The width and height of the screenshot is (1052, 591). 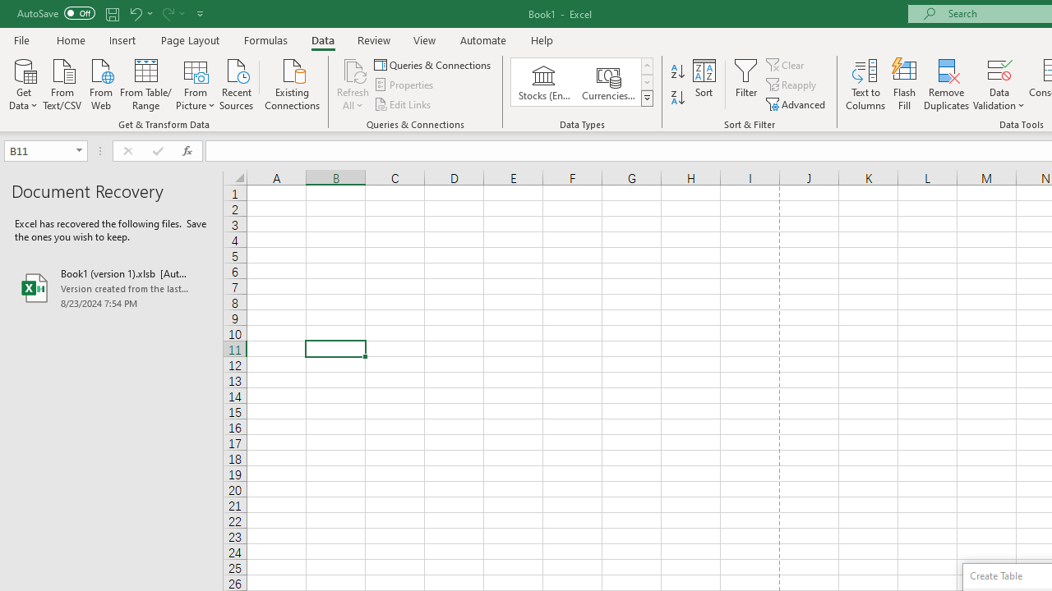 I want to click on 'AutomationID: ConvertToLinkedEntity', so click(x=582, y=82).